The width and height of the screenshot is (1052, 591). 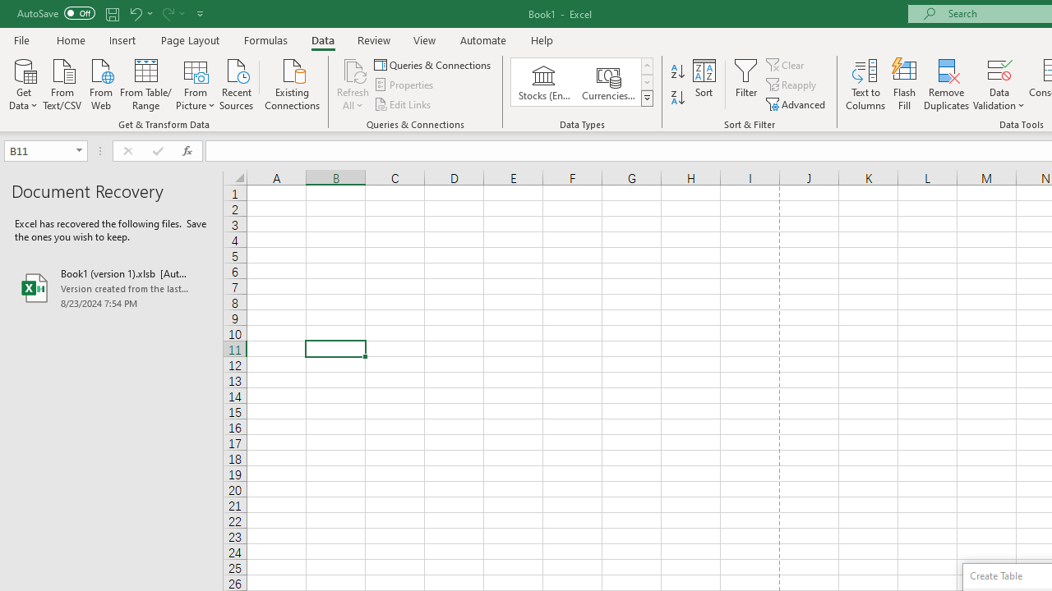 I want to click on 'AutomationID: ConvertToLinkedEntity', so click(x=582, y=82).